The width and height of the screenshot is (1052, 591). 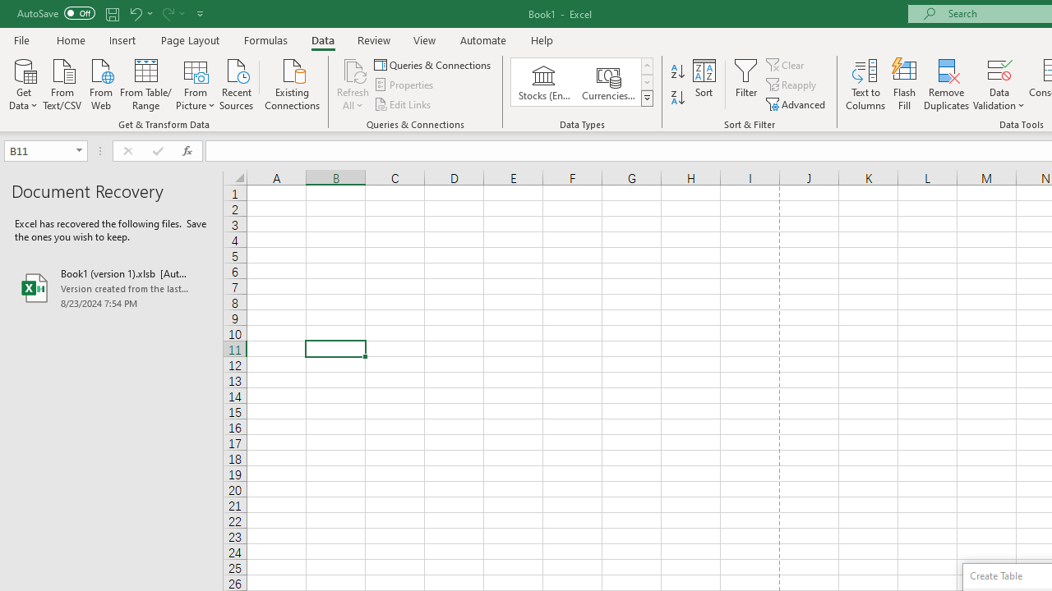 I want to click on 'AutomationID: ConvertToLinkedEntity', so click(x=582, y=82).